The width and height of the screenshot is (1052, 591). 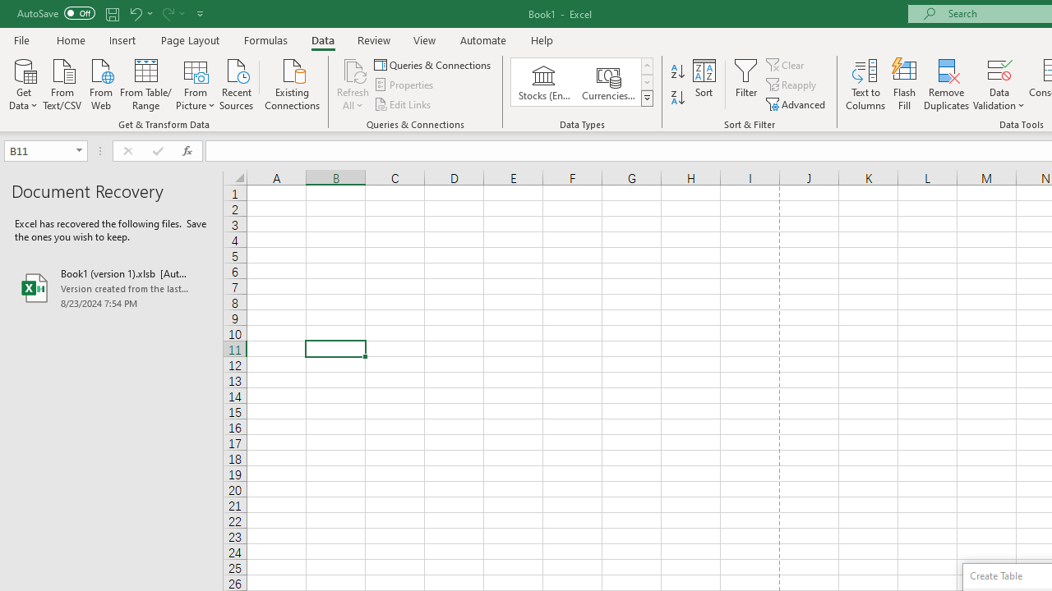 I want to click on 'AutomationID: ConvertToLinkedEntity', so click(x=582, y=82).